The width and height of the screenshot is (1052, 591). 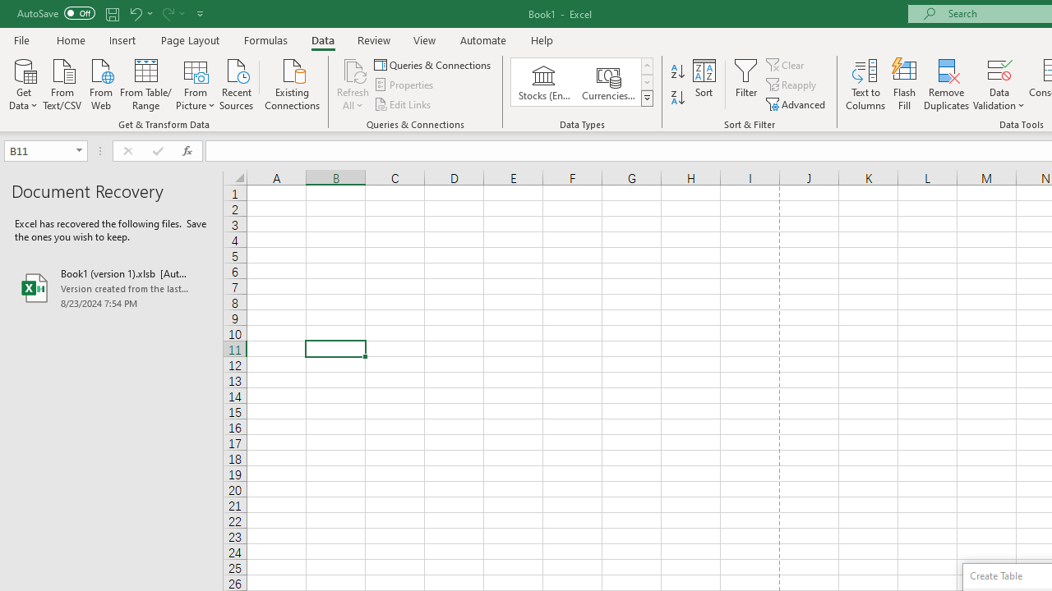 I want to click on 'AutomationID: ConvertToLinkedEntity', so click(x=582, y=82).